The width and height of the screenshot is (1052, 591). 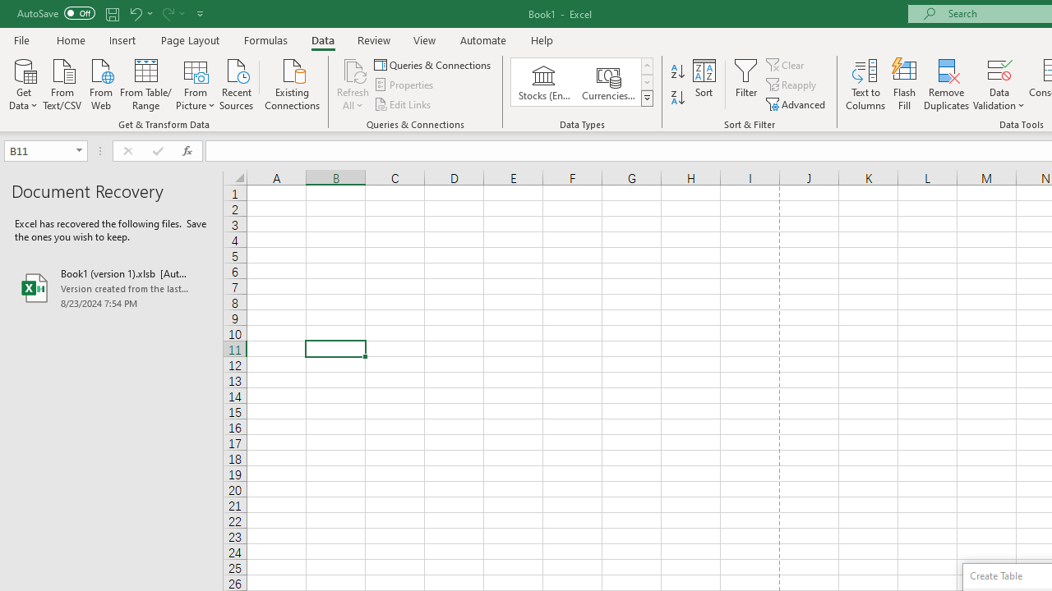 I want to click on 'AutomationID: ConvertToLinkedEntity', so click(x=582, y=82).